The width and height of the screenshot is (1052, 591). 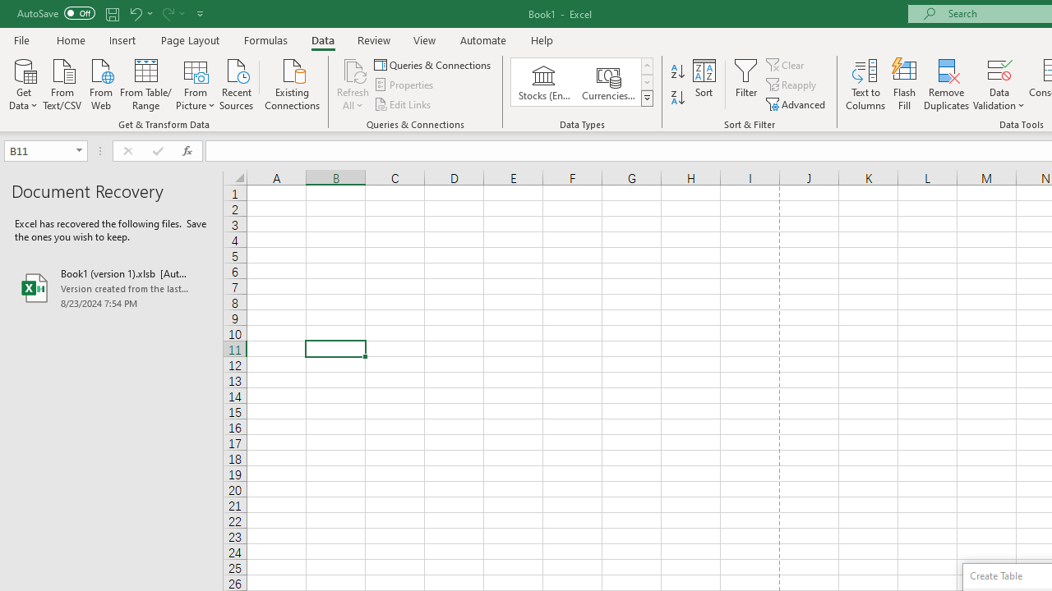 I want to click on 'AutomationID: ConvertToLinkedEntity', so click(x=582, y=82).